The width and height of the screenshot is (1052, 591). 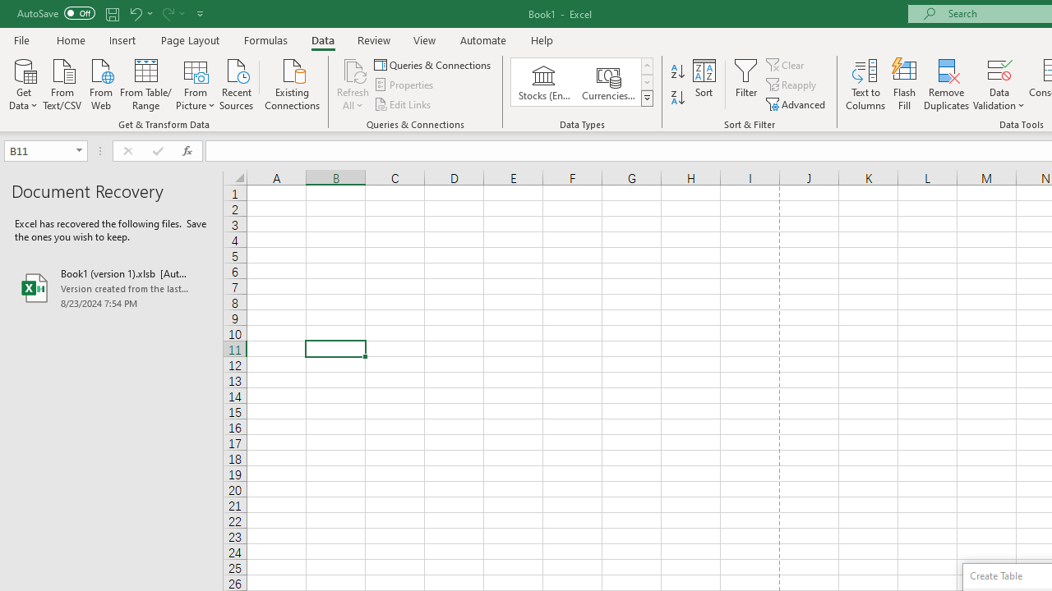 I want to click on 'AutomationID: ConvertToLinkedEntity', so click(x=582, y=82).